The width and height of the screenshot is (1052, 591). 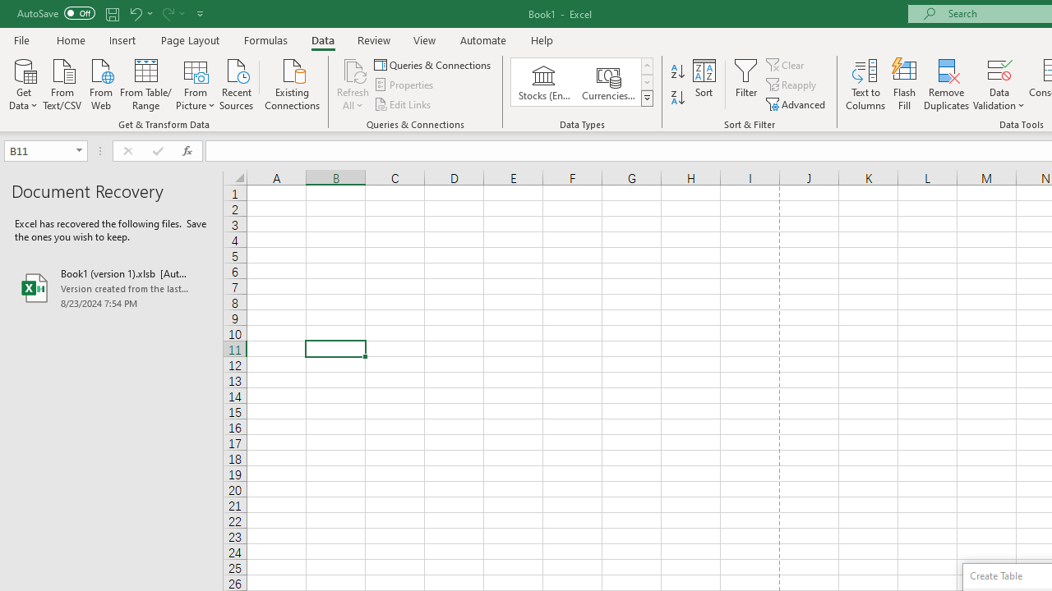 I want to click on 'AutomationID: ConvertToLinkedEntity', so click(x=582, y=82).